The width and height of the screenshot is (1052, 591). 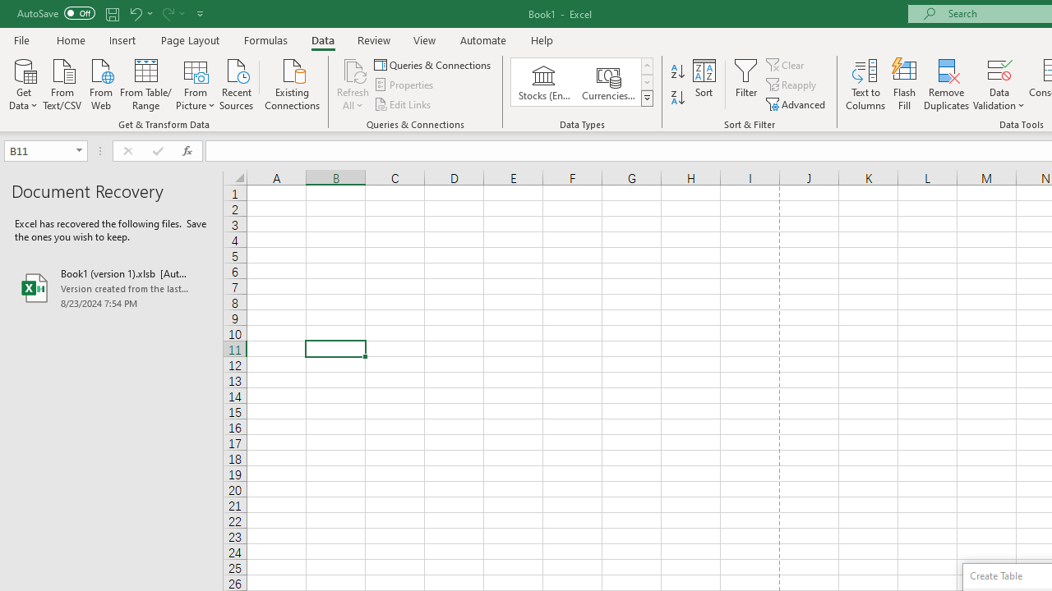 I want to click on 'AutomationID: ConvertToLinkedEntity', so click(x=582, y=82).